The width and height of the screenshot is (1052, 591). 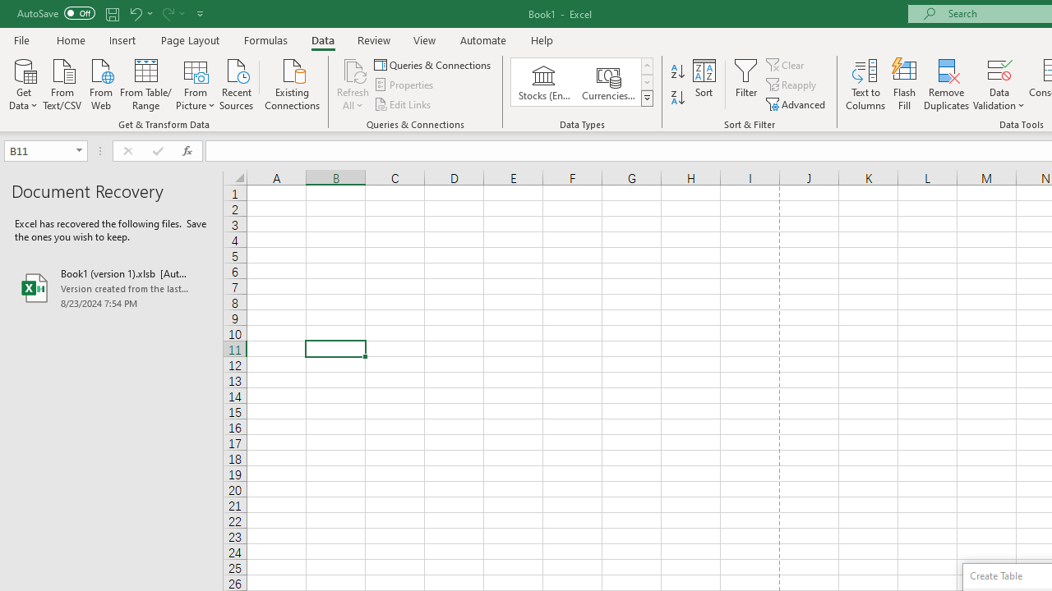 I want to click on 'AutomationID: ConvertToLinkedEntity', so click(x=582, y=82).